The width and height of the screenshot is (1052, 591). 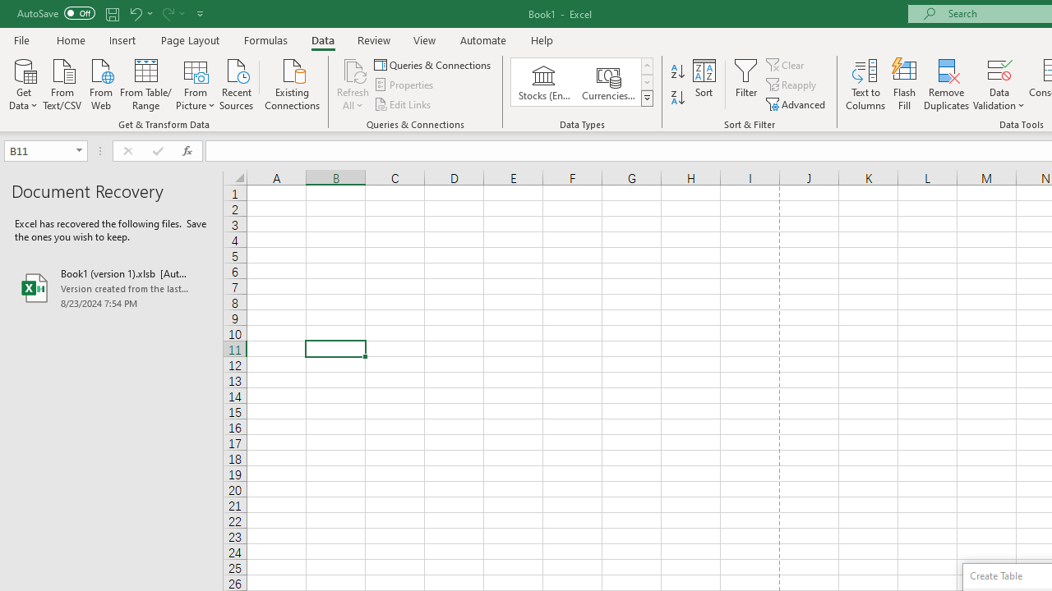 I want to click on 'AutomationID: ConvertToLinkedEntity', so click(x=582, y=82).